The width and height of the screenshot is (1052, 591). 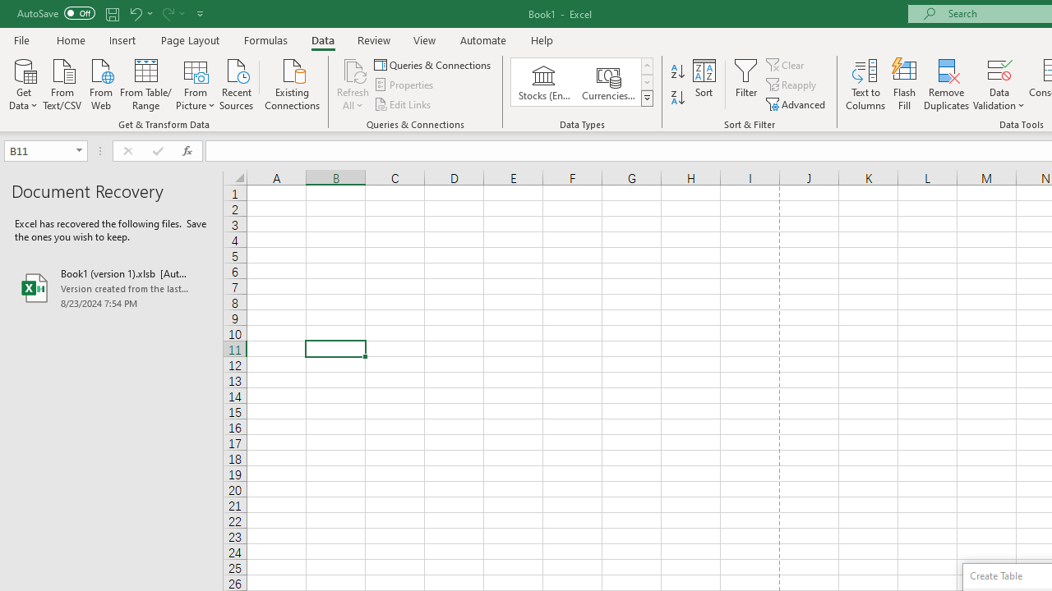 I want to click on 'AutomationID: ConvertToLinkedEntity', so click(x=582, y=82).